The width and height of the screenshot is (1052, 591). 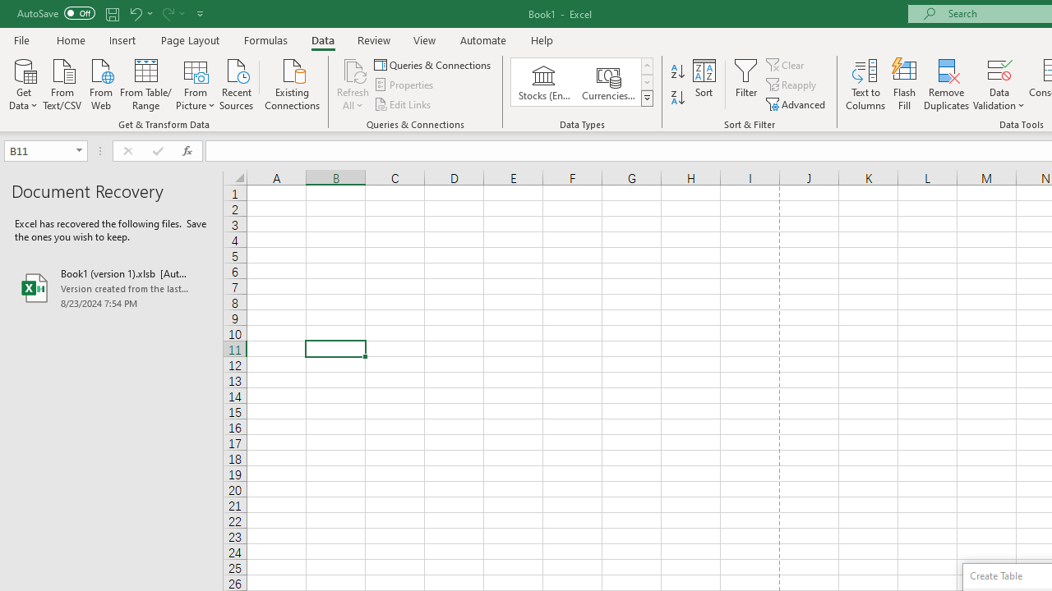 I want to click on 'AutomationID: ConvertToLinkedEntity', so click(x=582, y=82).